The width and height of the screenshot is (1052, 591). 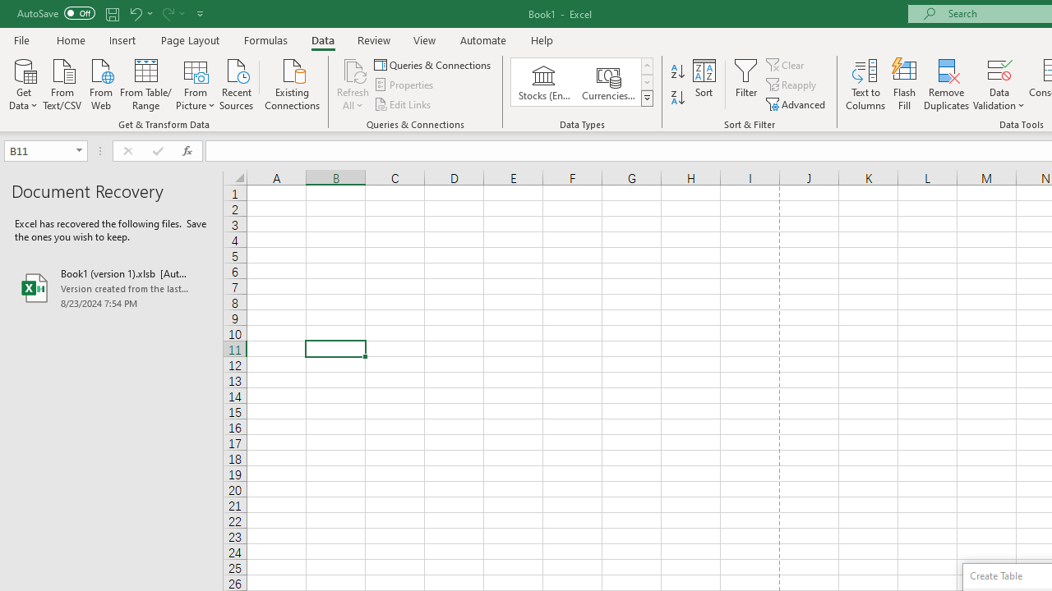 I want to click on 'AutomationID: ConvertToLinkedEntity', so click(x=582, y=82).